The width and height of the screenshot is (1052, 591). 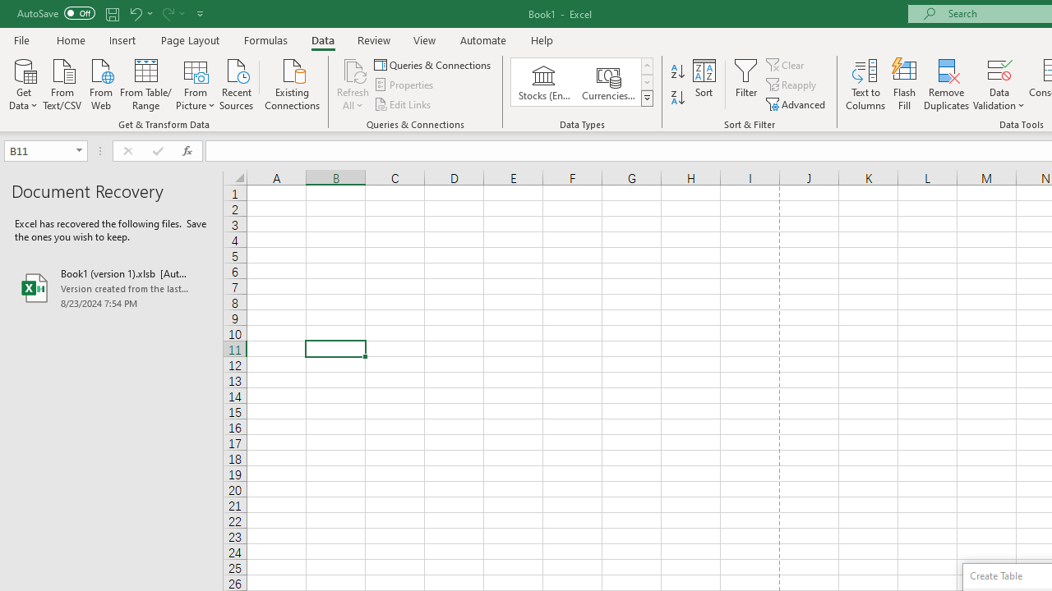 I want to click on 'AutomationID: ConvertToLinkedEntity', so click(x=582, y=82).